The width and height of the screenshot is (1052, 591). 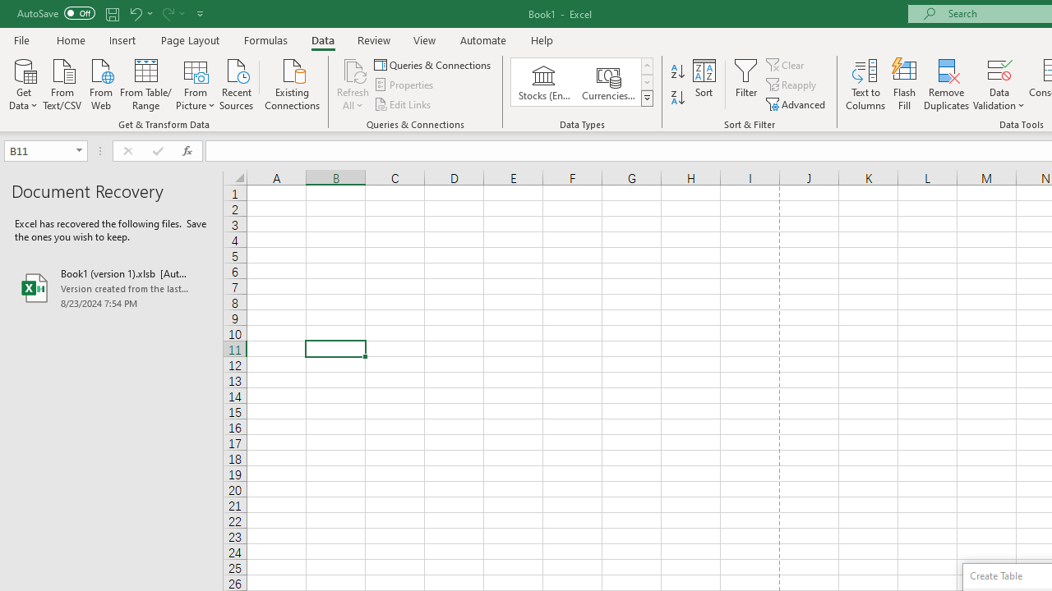 I want to click on 'AutomationID: ConvertToLinkedEntity', so click(x=582, y=82).